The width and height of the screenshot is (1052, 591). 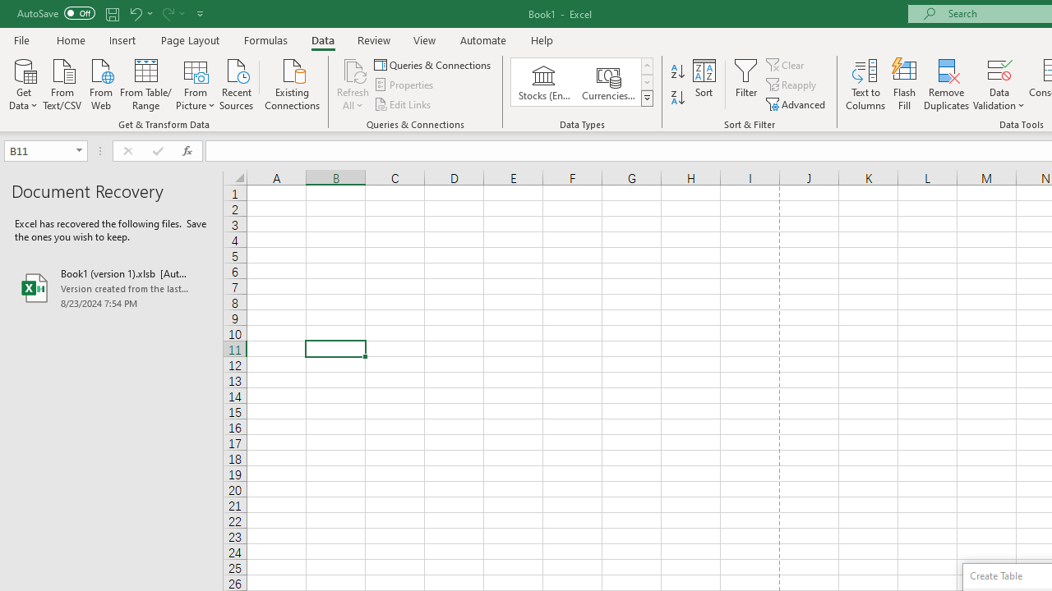 I want to click on 'AutomationID: ConvertToLinkedEntity', so click(x=582, y=82).